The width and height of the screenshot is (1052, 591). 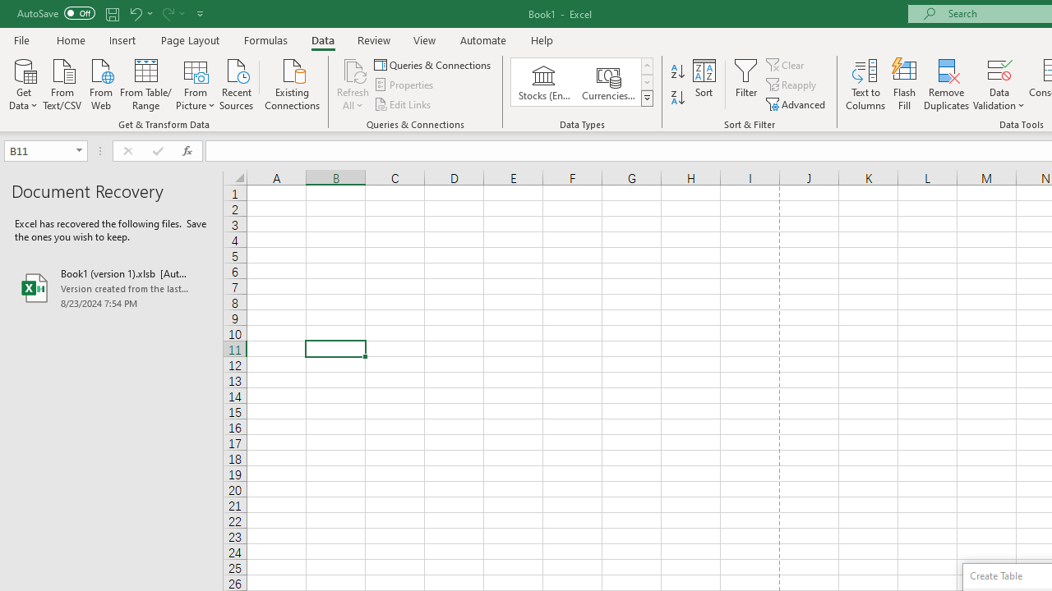 I want to click on 'AutomationID: ConvertToLinkedEntity', so click(x=582, y=82).